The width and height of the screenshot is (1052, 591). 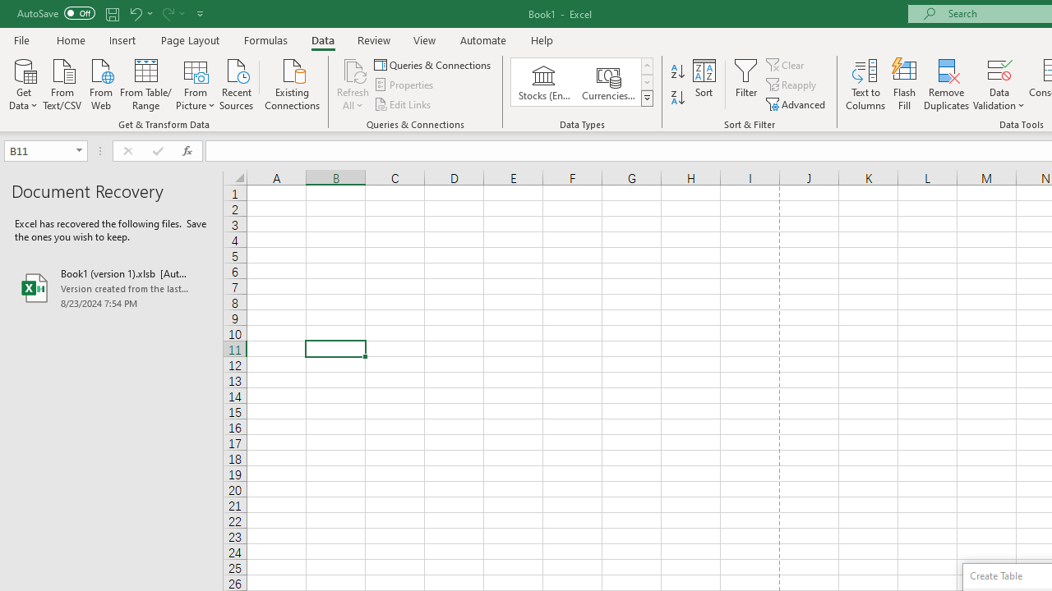 I want to click on 'AutomationID: ConvertToLinkedEntity', so click(x=582, y=82).